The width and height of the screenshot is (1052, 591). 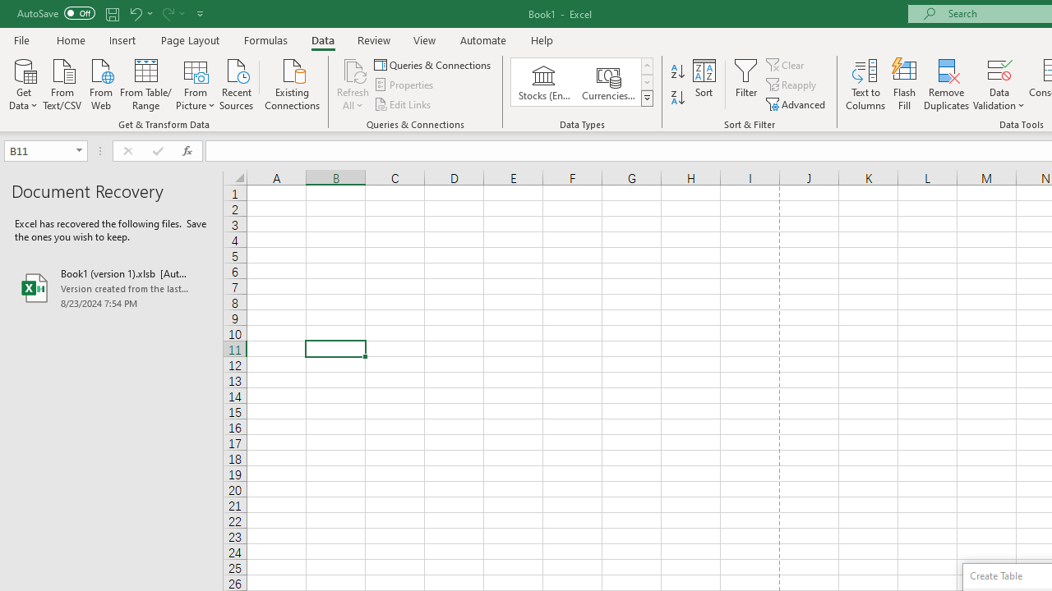 I want to click on 'AutomationID: ConvertToLinkedEntity', so click(x=582, y=82).